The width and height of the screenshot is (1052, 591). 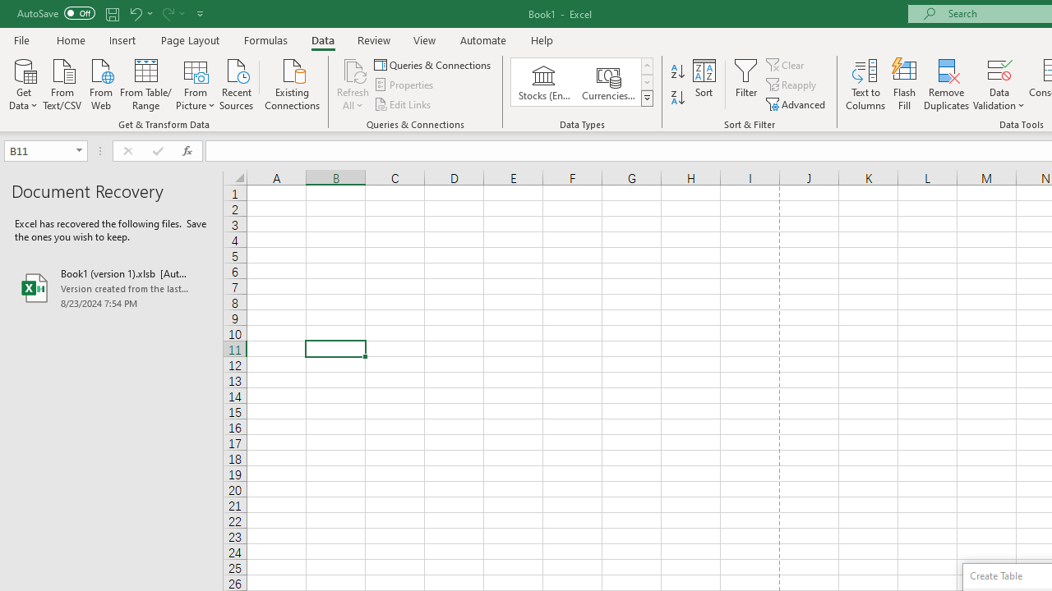 I want to click on 'AutomationID: ConvertToLinkedEntity', so click(x=582, y=82).